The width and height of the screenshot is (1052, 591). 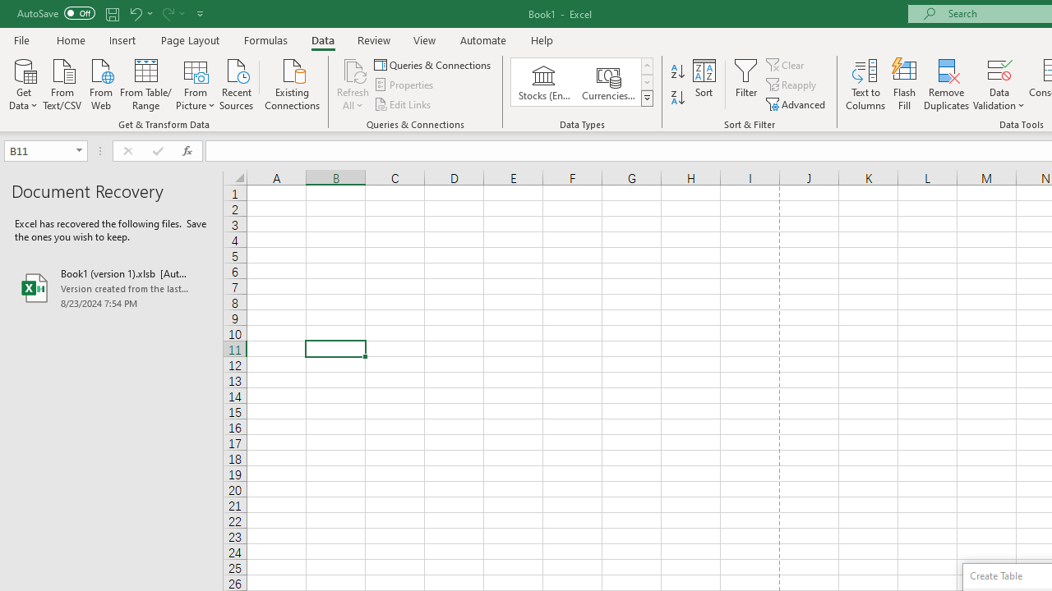 I want to click on 'AutomationID: ConvertToLinkedEntity', so click(x=582, y=82).